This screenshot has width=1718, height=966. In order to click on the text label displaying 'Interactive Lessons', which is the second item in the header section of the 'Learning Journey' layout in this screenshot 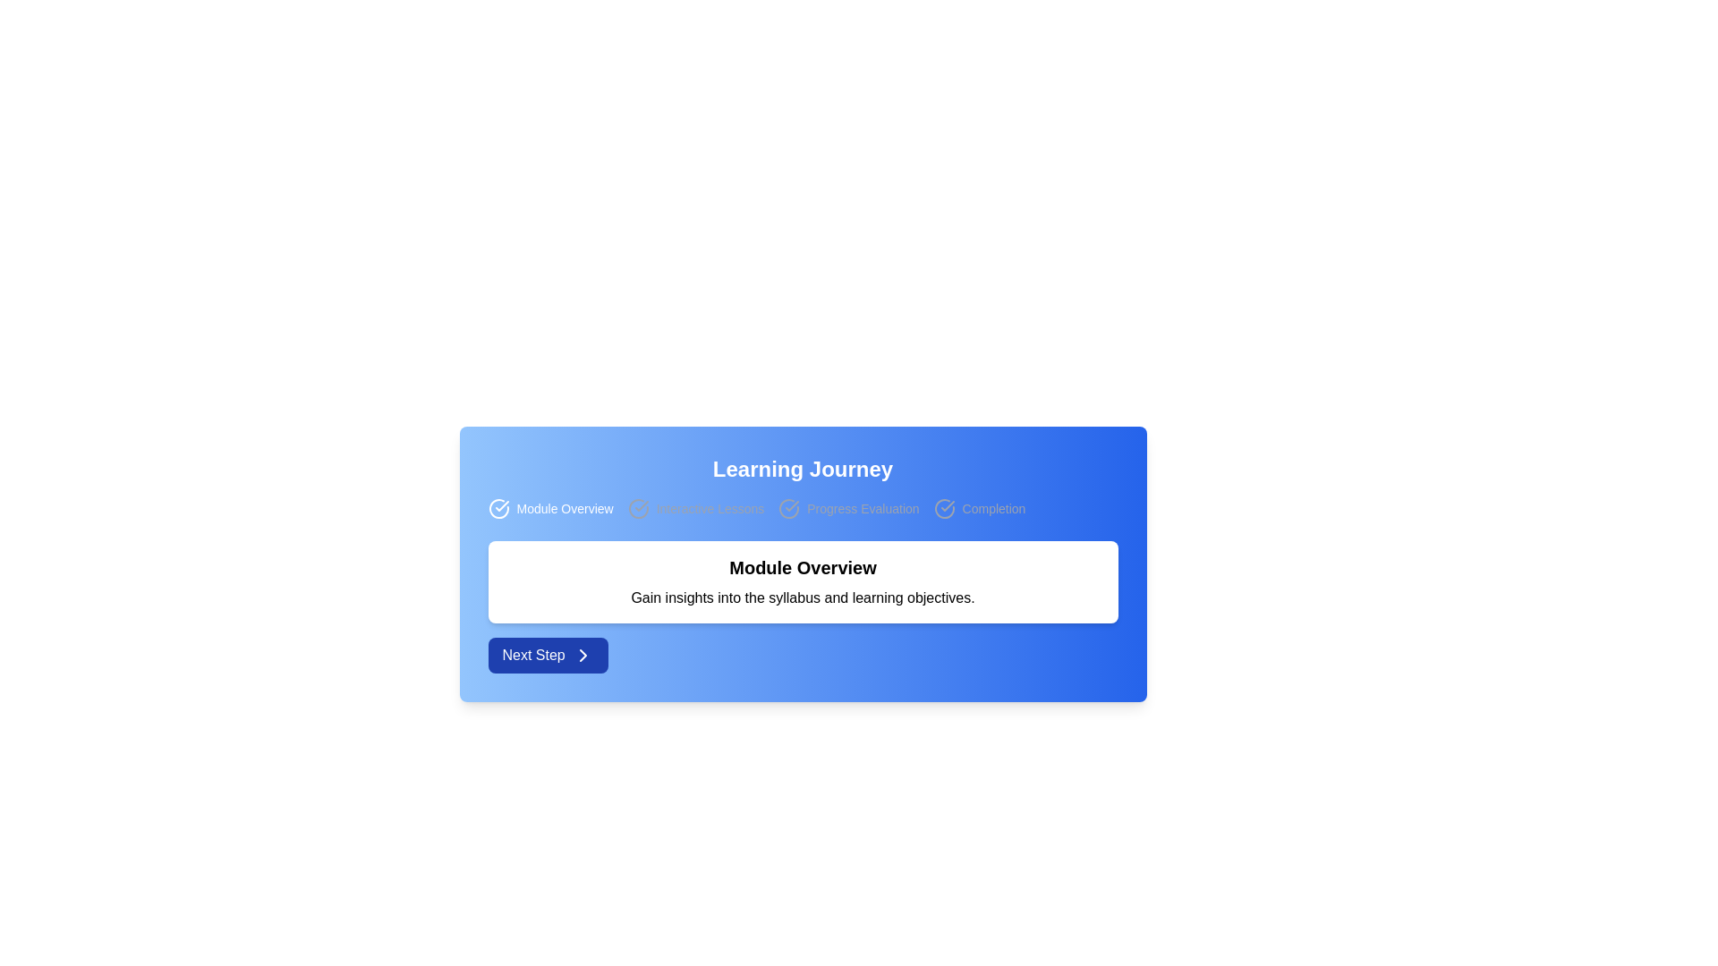, I will do `click(709, 509)`.